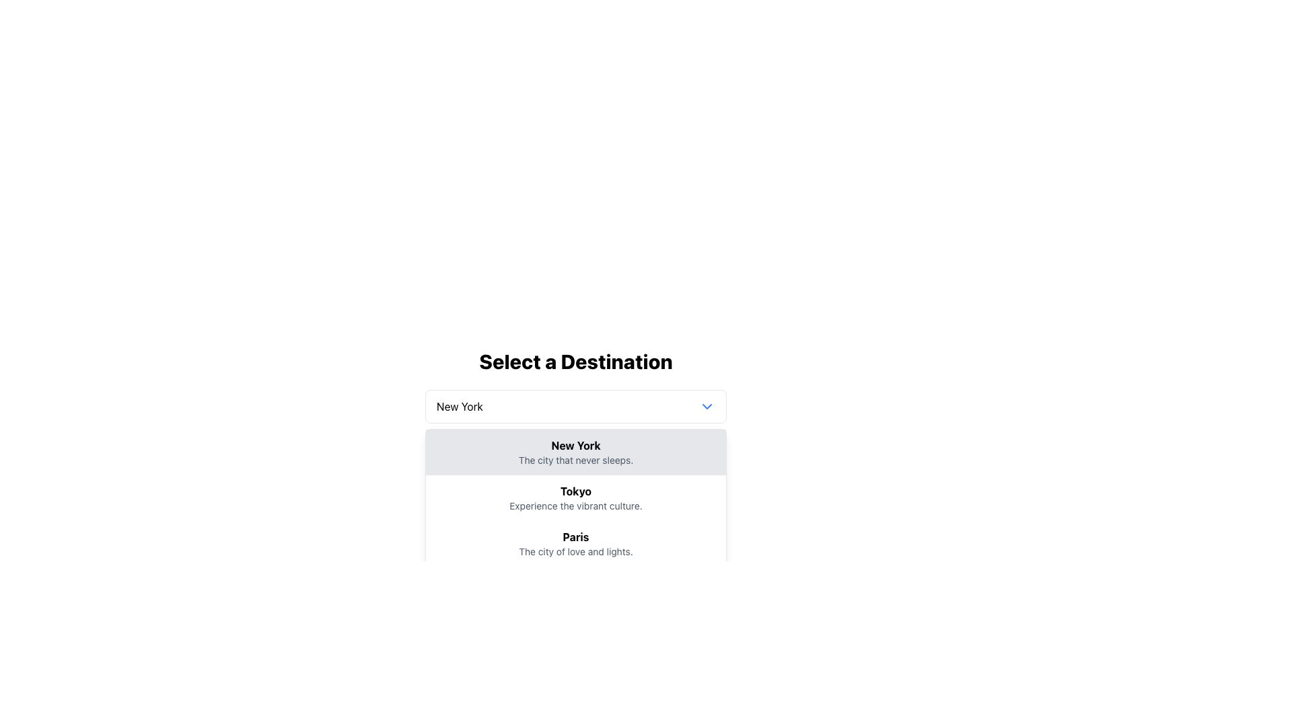 This screenshot has height=726, width=1292. I want to click on the highlighted dropdown list item labeled 'Tokyo', so click(575, 497).